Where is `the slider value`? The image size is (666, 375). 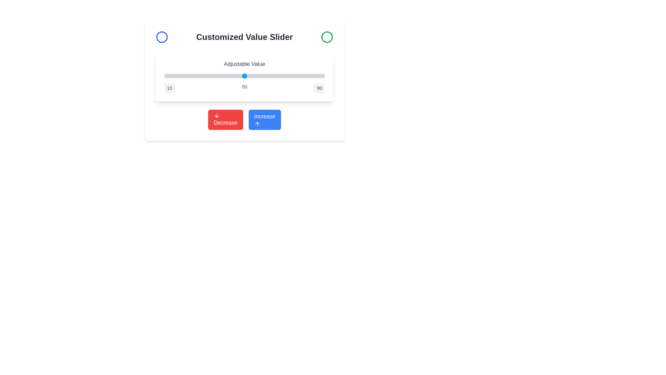
the slider value is located at coordinates (228, 76).